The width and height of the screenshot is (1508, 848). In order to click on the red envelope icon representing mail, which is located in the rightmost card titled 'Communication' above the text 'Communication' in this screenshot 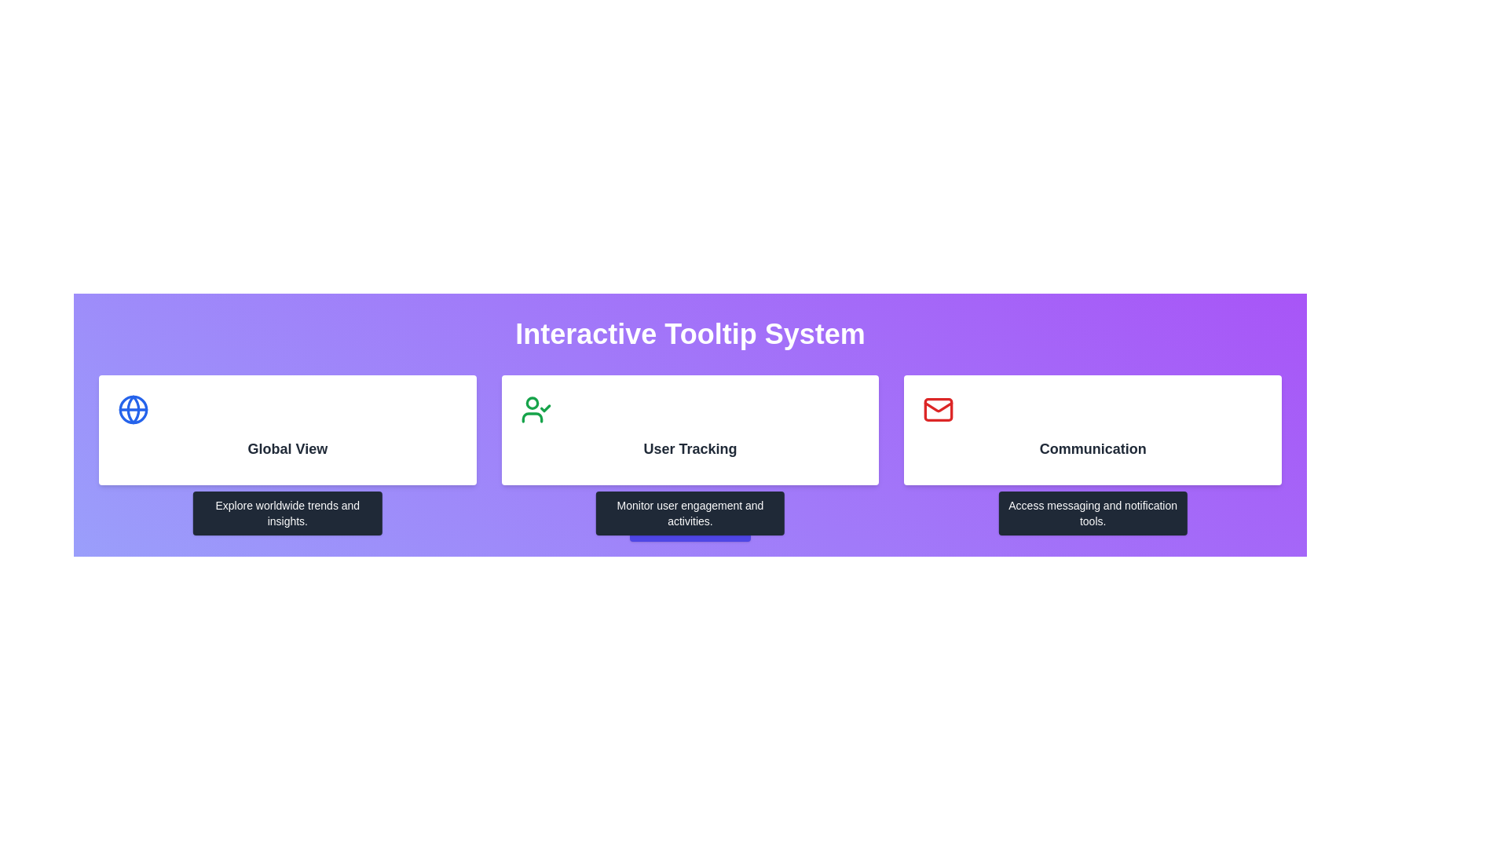, I will do `click(939, 408)`.